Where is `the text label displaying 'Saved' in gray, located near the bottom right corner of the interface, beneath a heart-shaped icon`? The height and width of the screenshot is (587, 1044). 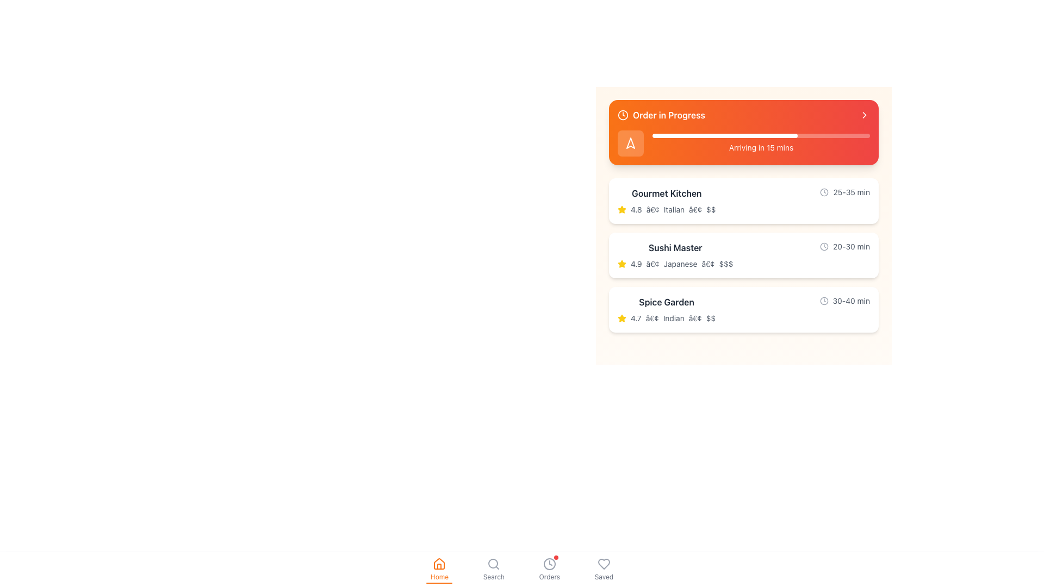
the text label displaying 'Saved' in gray, located near the bottom right corner of the interface, beneath a heart-shaped icon is located at coordinates (603, 576).